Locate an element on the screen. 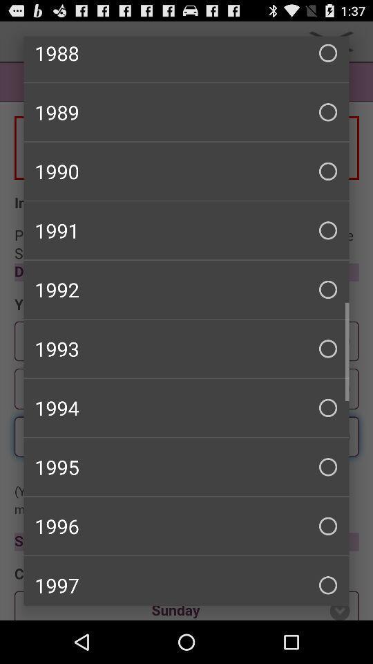 This screenshot has height=664, width=373. 1988 is located at coordinates (186, 59).